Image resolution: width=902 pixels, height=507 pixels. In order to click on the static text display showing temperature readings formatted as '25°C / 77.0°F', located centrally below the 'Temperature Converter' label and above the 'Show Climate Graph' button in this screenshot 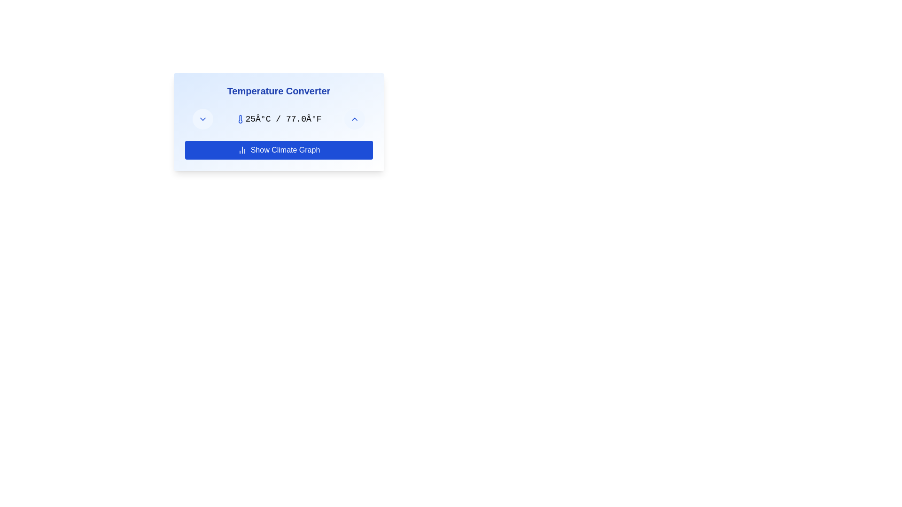, I will do `click(278, 119)`.